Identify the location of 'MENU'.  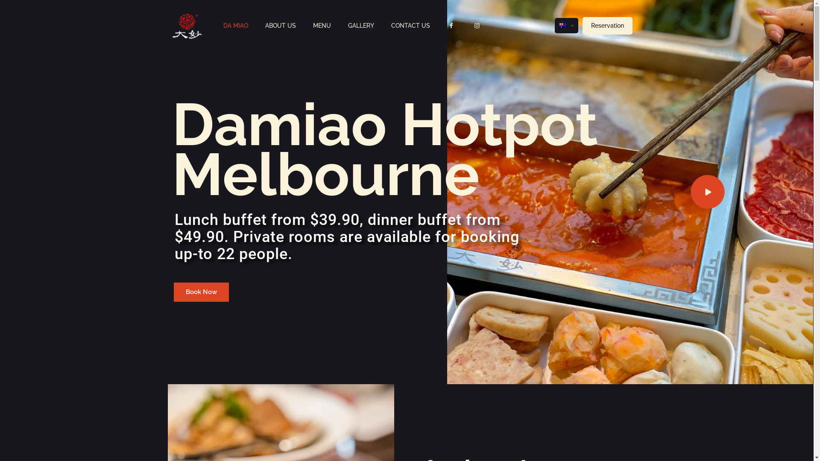
(321, 25).